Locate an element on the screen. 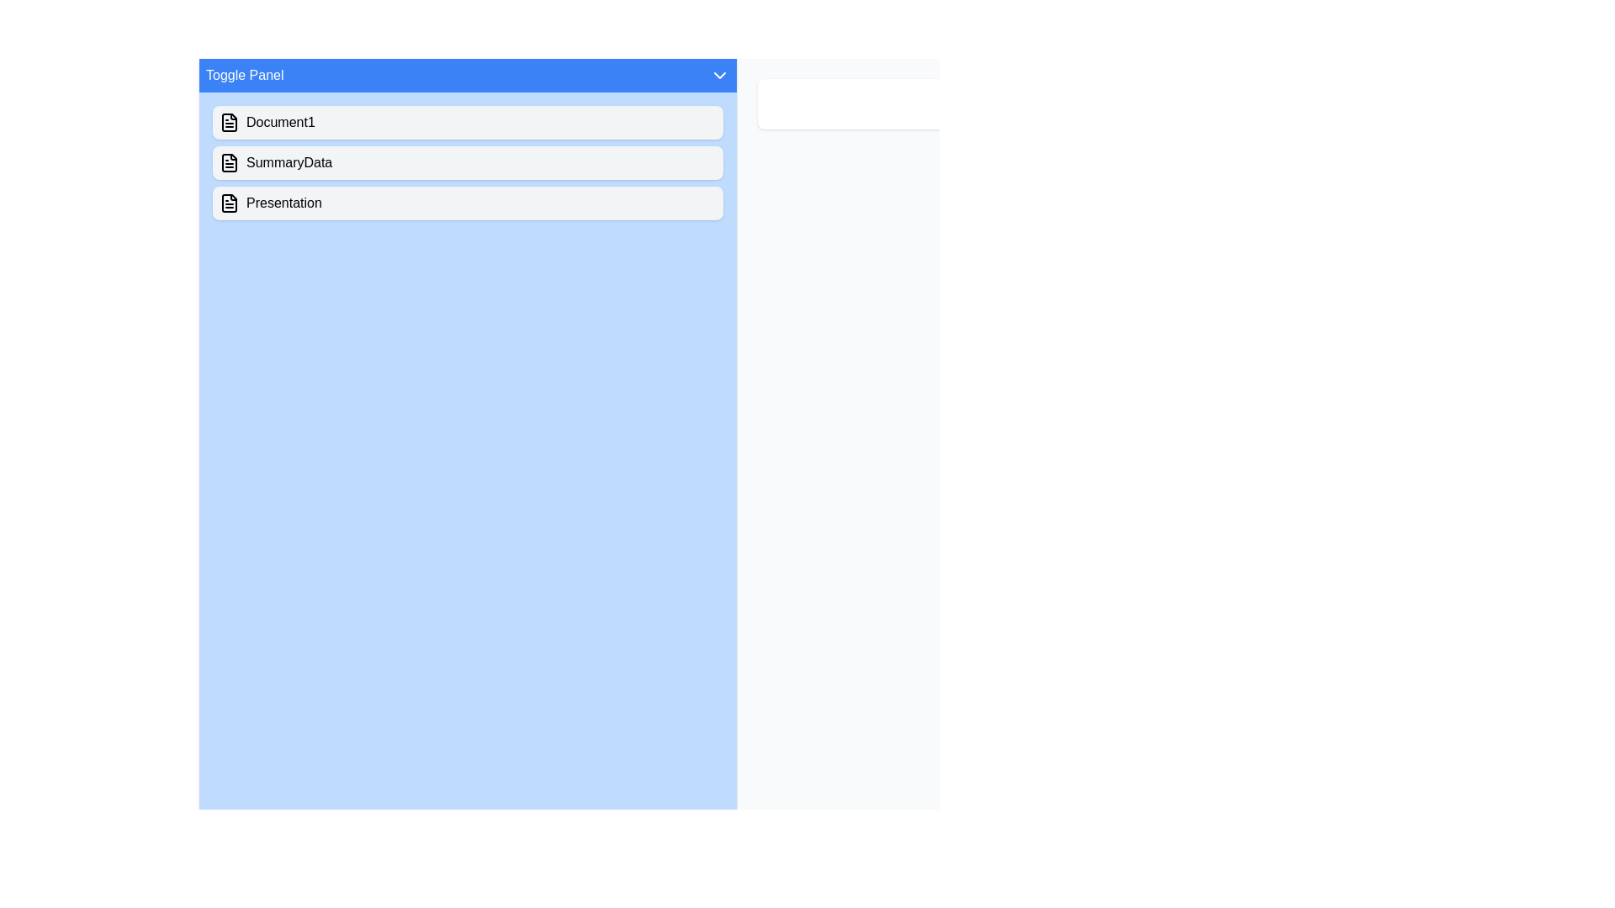  the unique text label displaying 'Document1', which identifies a specific document within a list of items is located at coordinates (280, 122).